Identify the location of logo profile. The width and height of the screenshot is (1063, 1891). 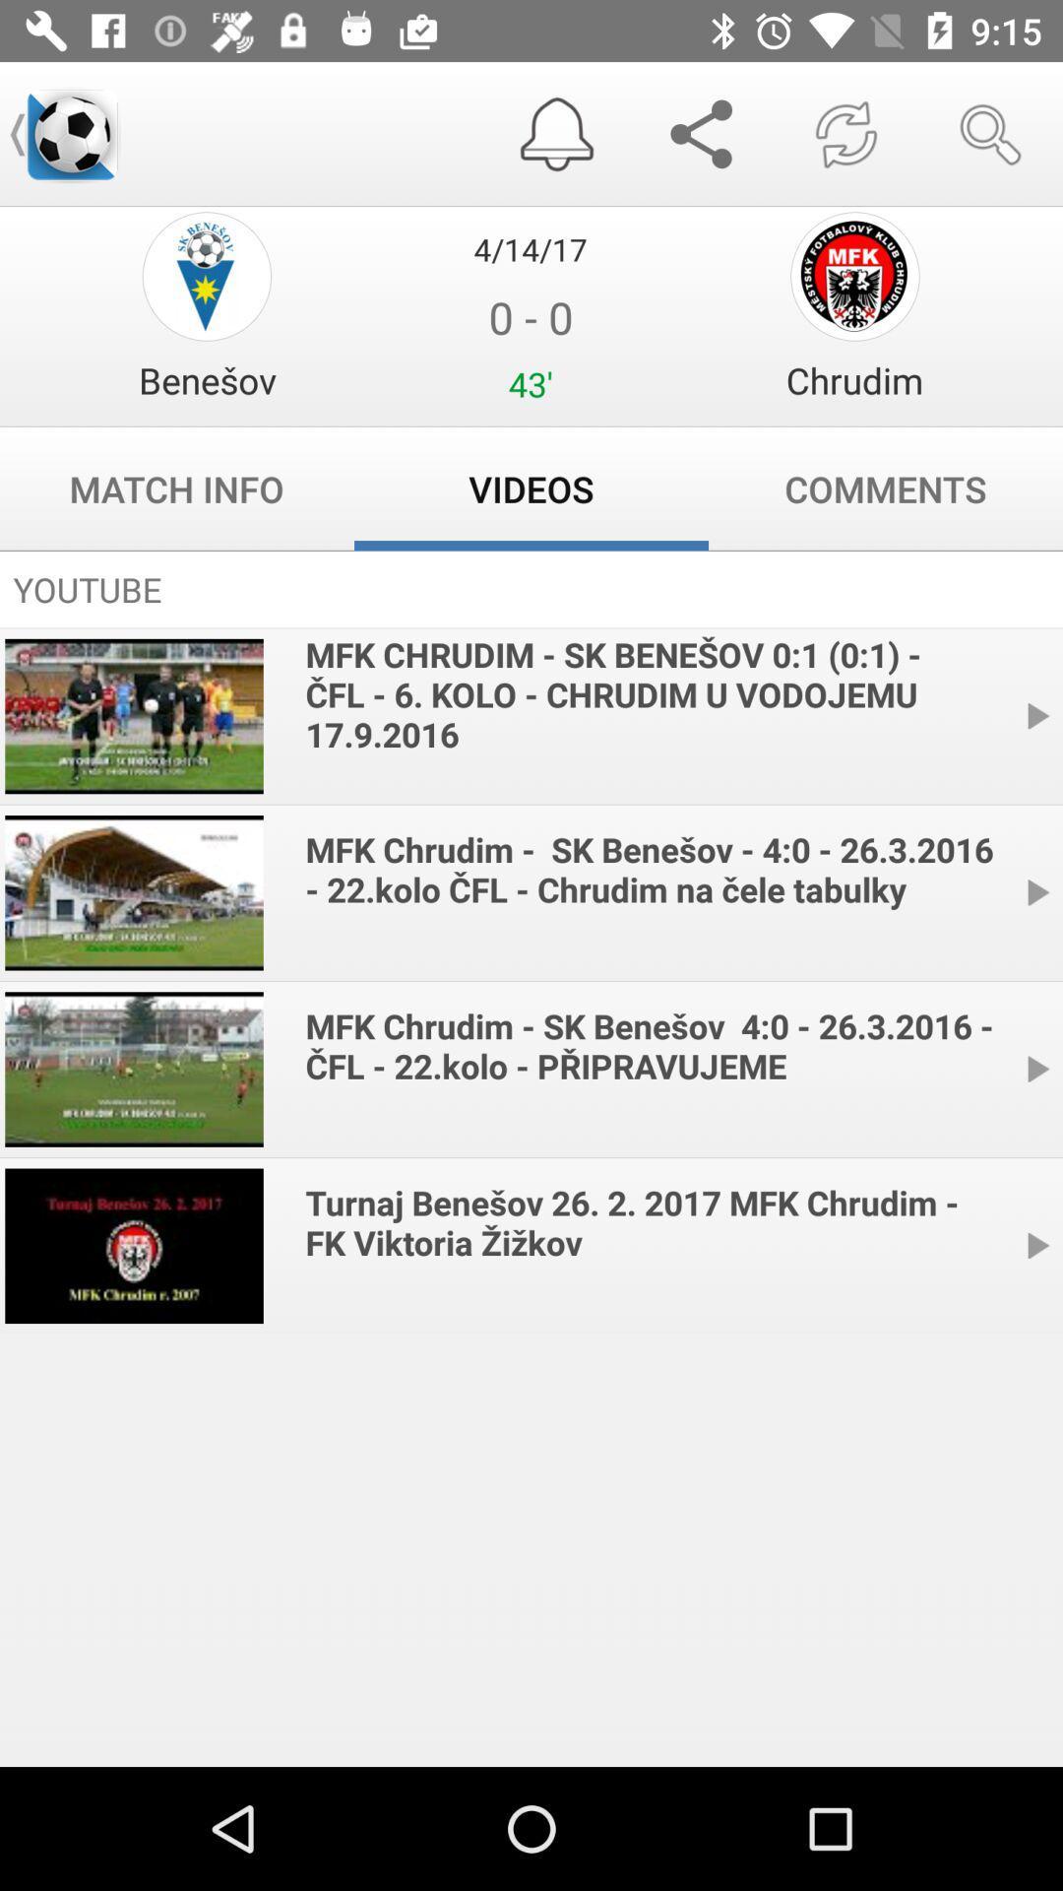
(207, 275).